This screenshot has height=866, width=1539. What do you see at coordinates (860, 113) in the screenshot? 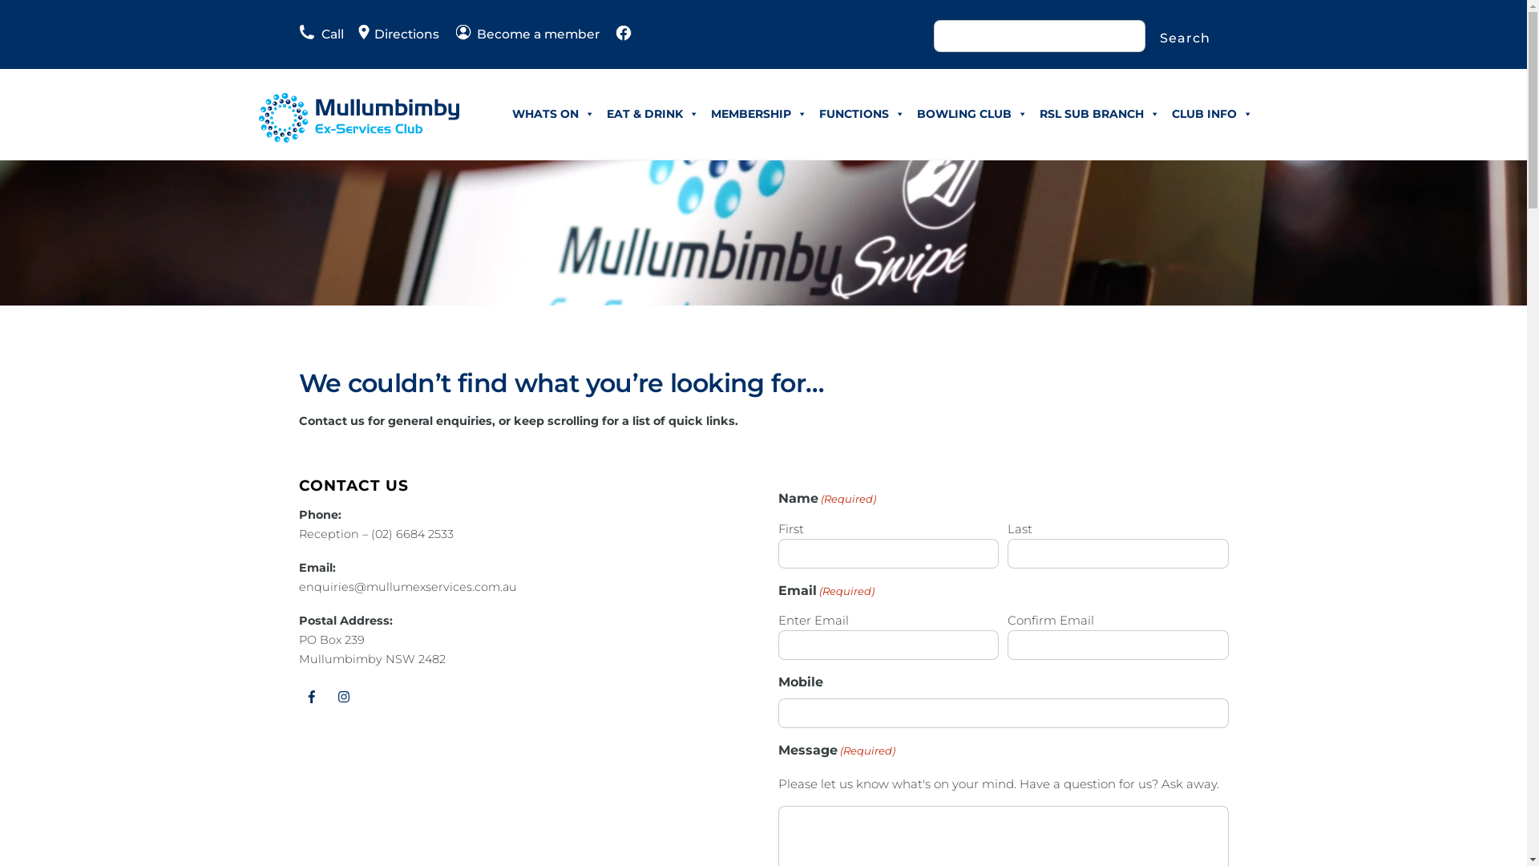
I see `'FUNCTIONS'` at bounding box center [860, 113].